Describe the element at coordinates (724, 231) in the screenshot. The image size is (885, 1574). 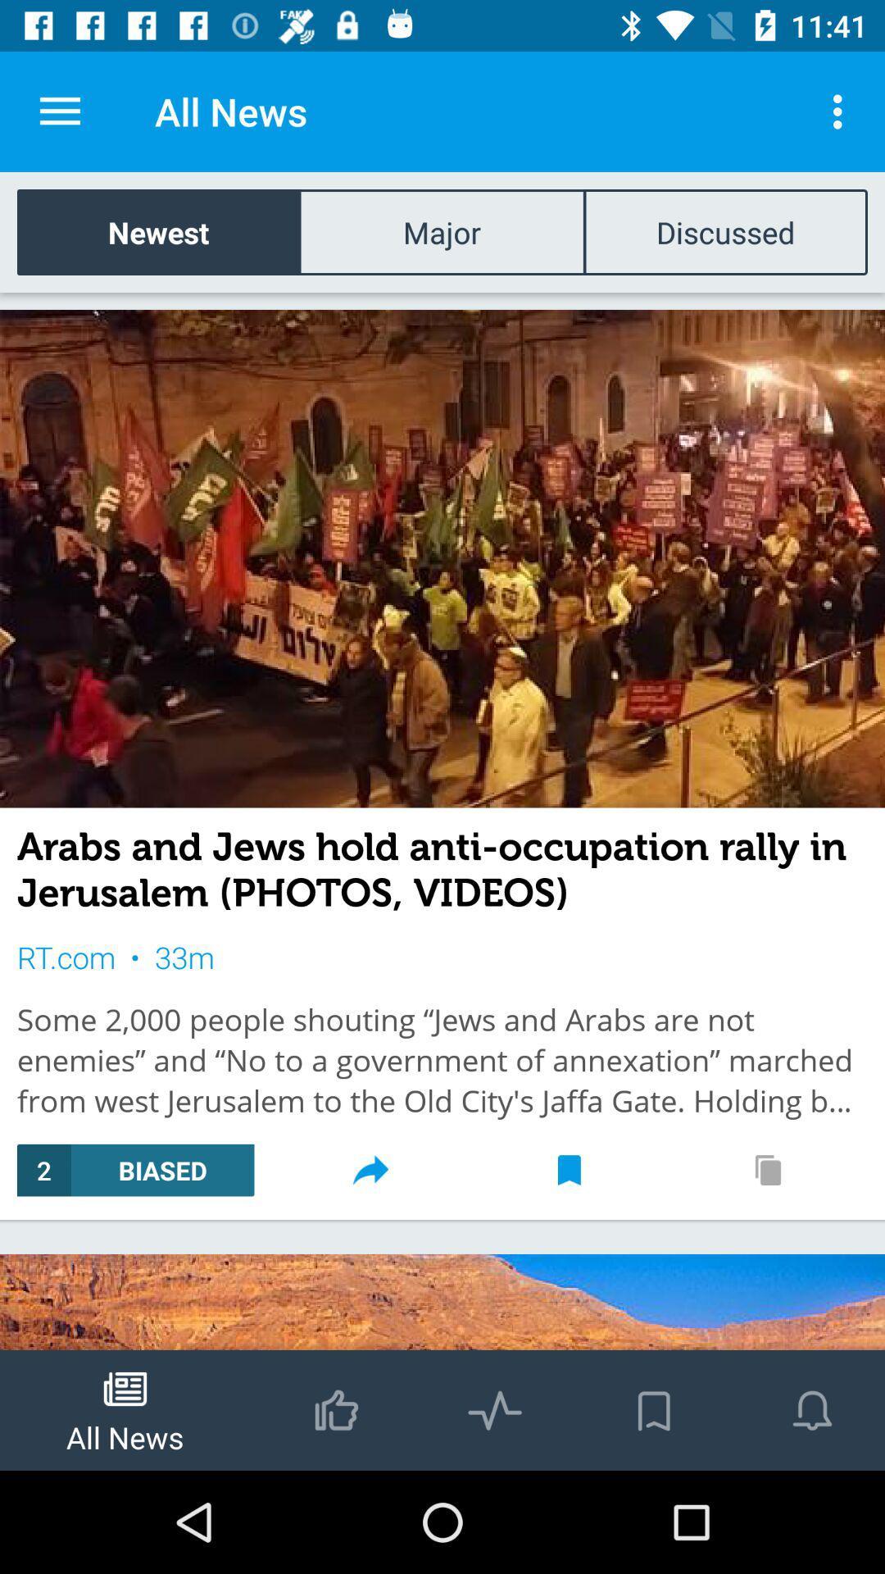
I see `discussed icon` at that location.